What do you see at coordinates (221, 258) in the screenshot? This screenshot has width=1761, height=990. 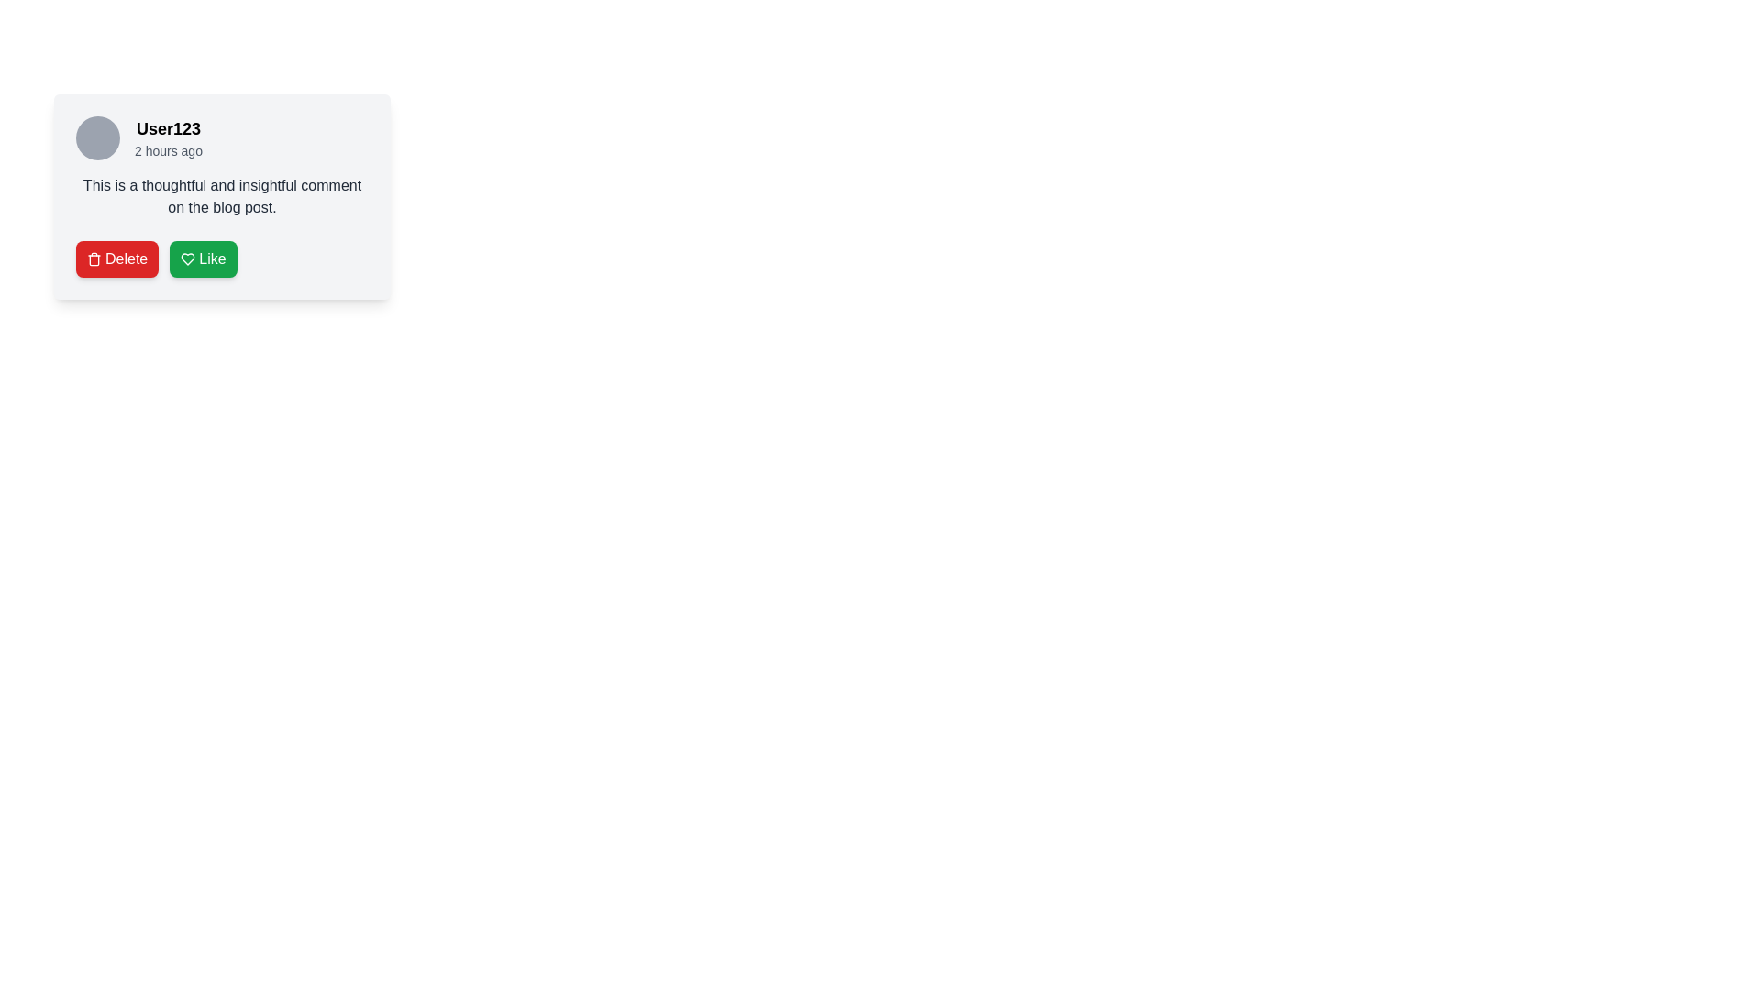 I see `the 'Like' button, which is the second button in a horizontal button group located at the bottom of a comment card and positioned to the right of the red 'Delete' button` at bounding box center [221, 258].